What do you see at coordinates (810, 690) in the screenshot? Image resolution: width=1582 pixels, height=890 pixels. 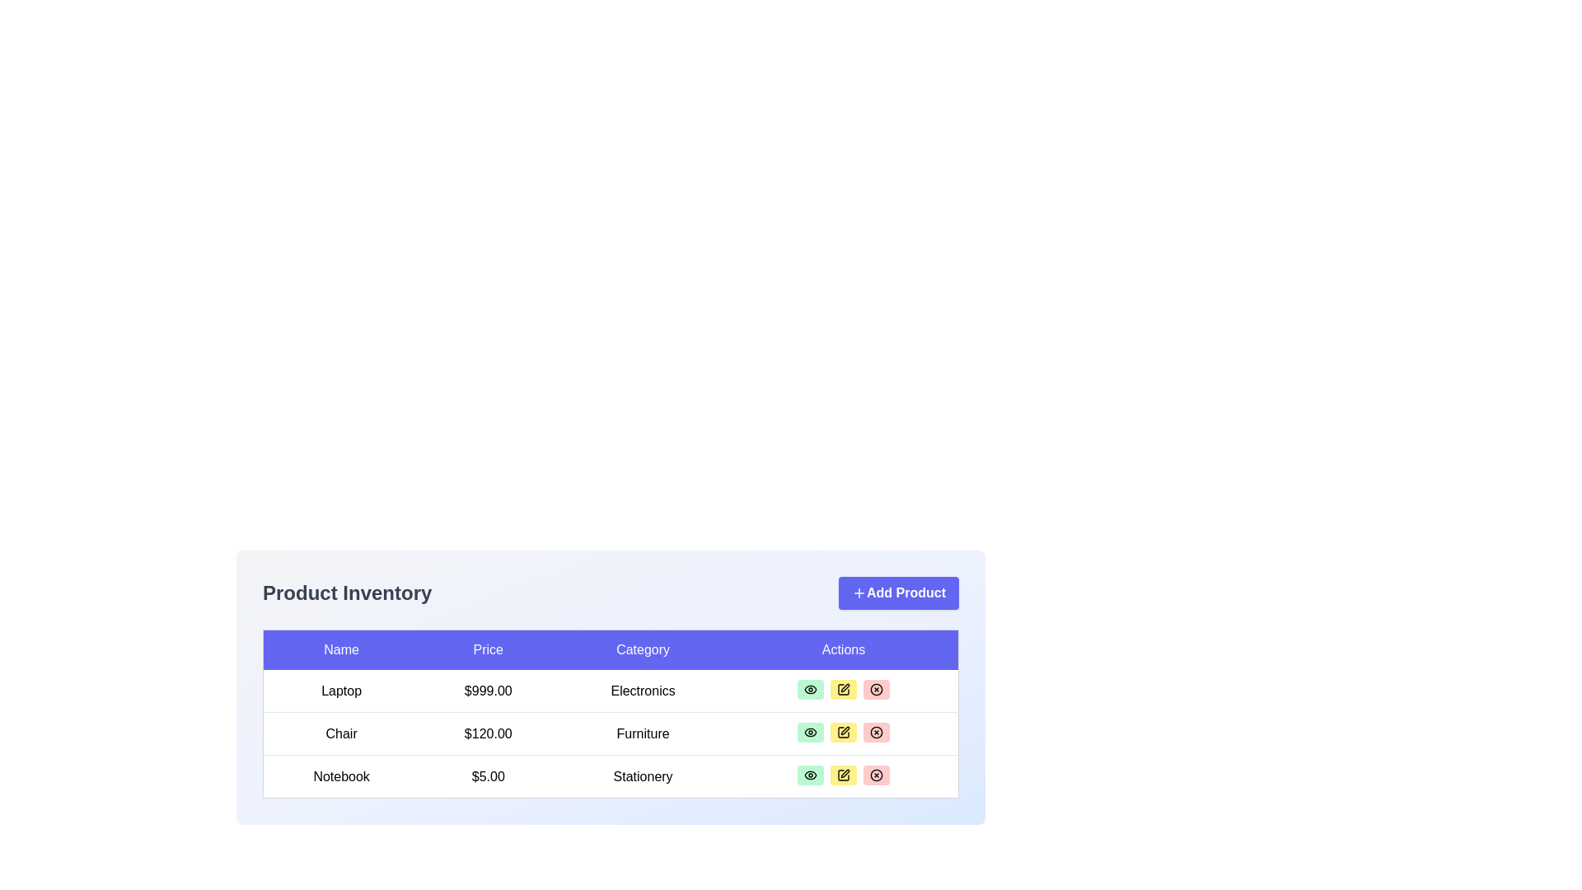 I see `the small green button with a rounded corner and a black eye icon located in the 'Actions' column corresponding to the 'Laptop' product entry` at bounding box center [810, 690].